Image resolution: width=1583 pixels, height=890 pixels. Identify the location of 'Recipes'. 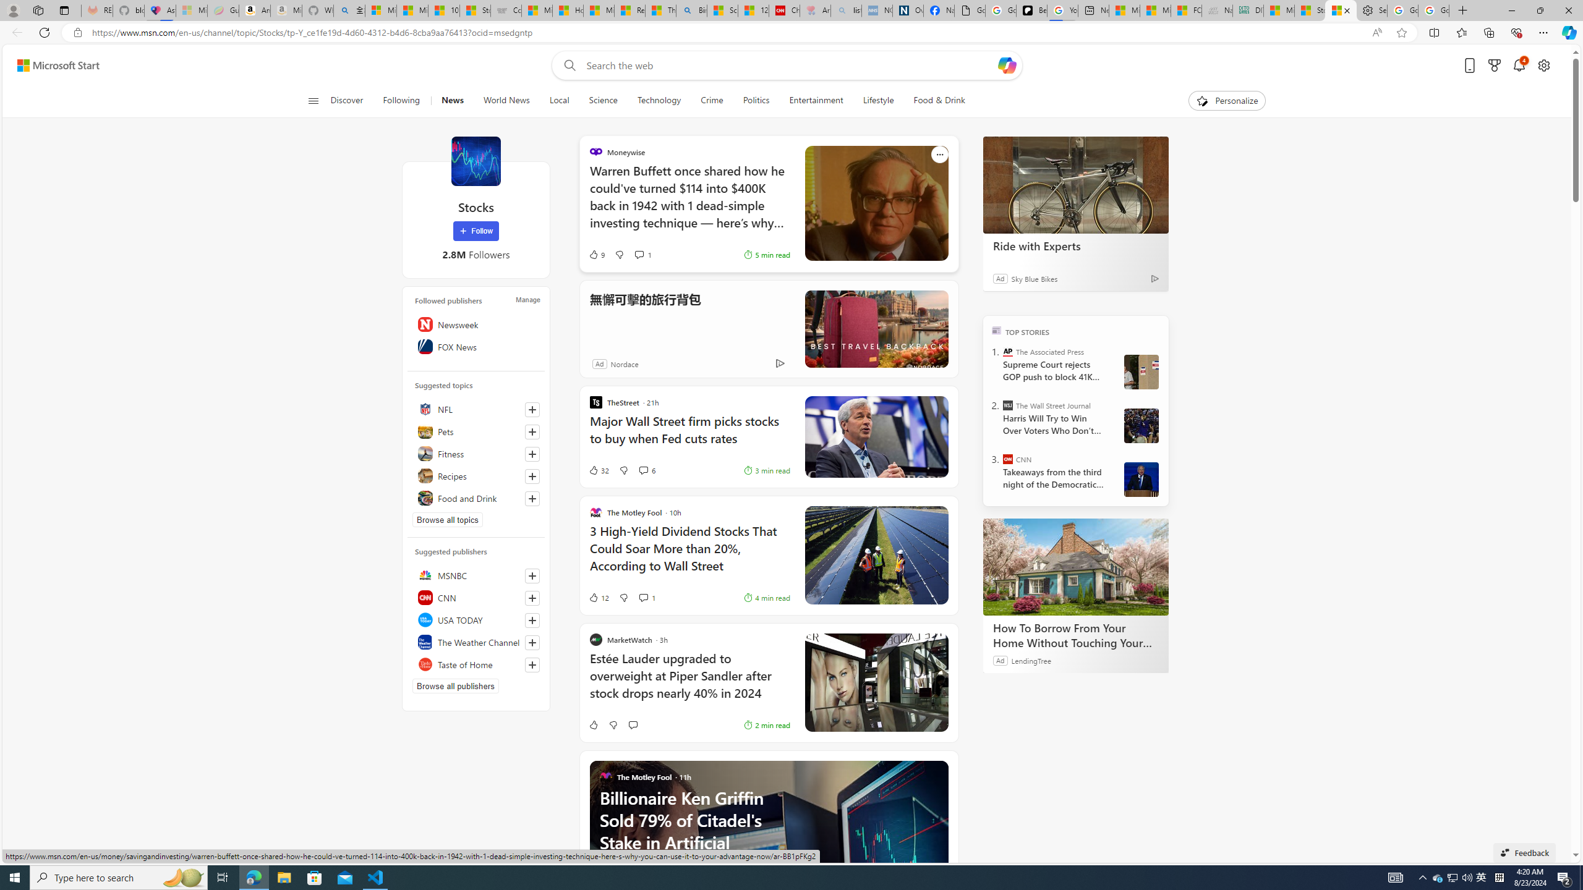
(476, 475).